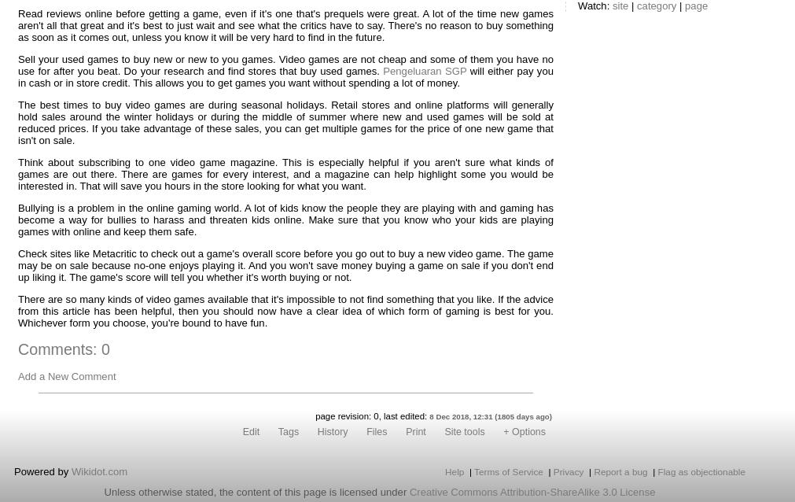  What do you see at coordinates (250, 431) in the screenshot?
I see `'Edit'` at bounding box center [250, 431].